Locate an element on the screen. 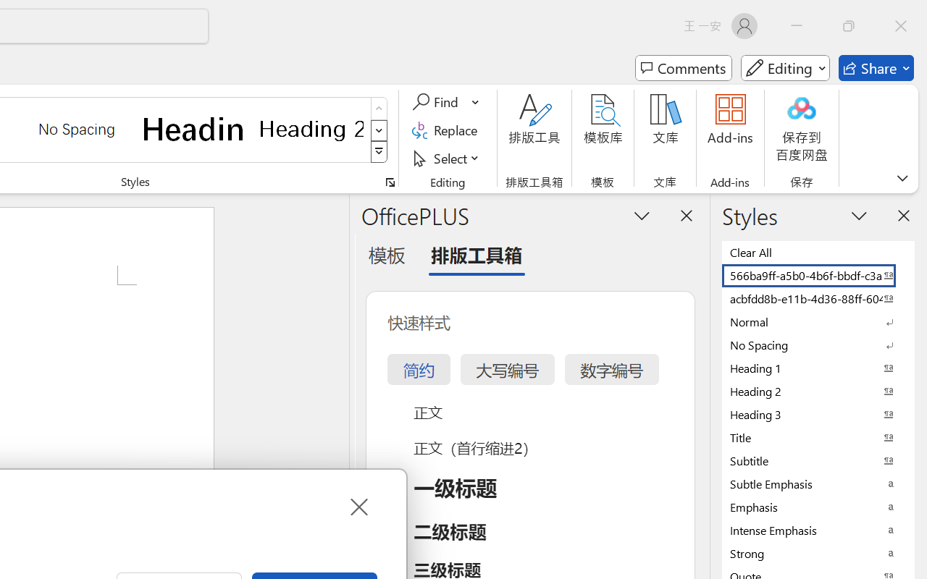  'Clear All' is located at coordinates (818, 252).